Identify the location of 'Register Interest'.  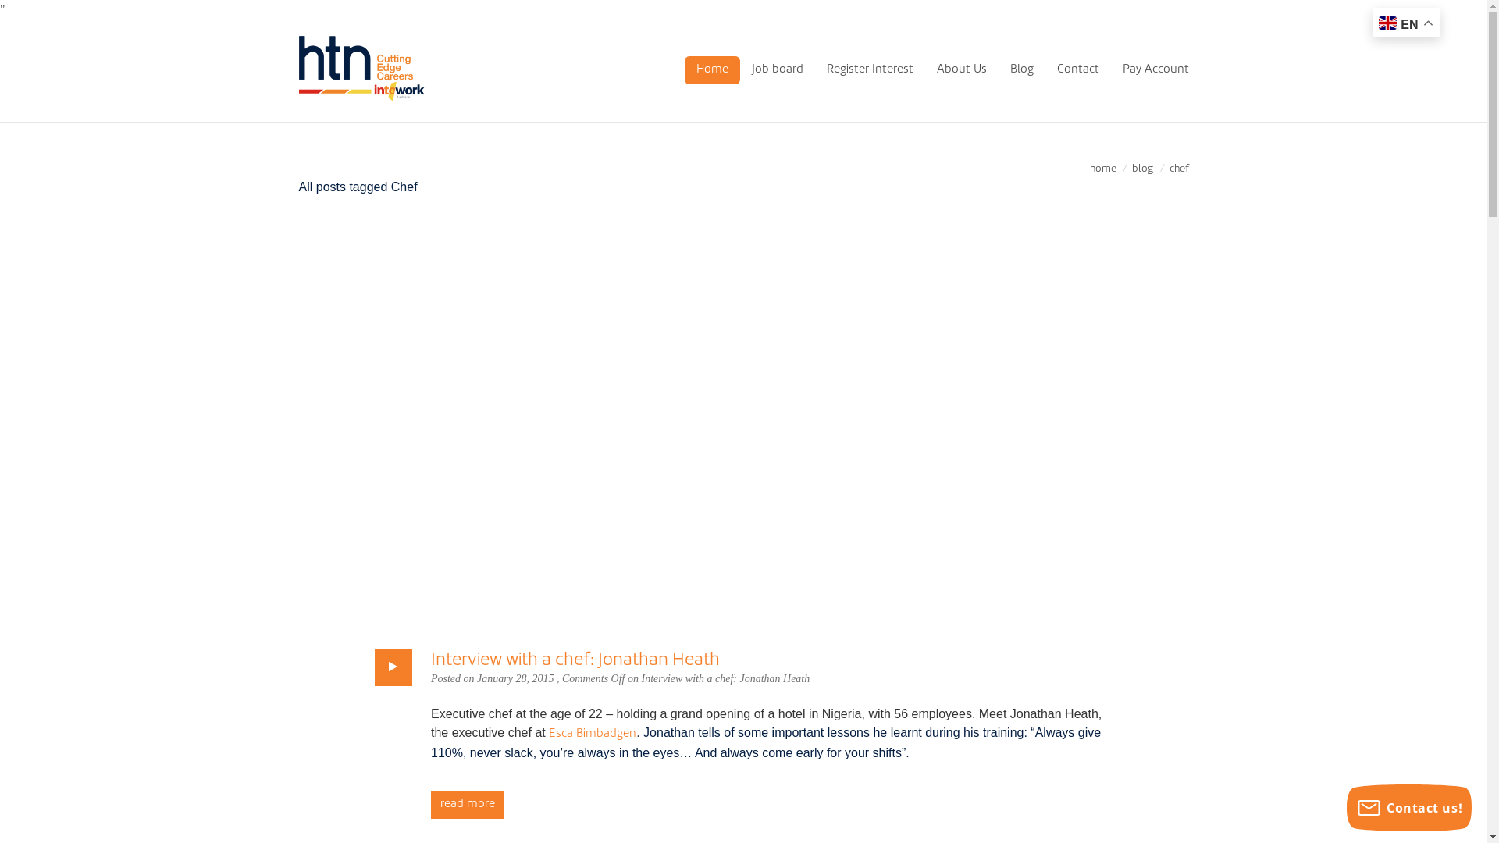
(869, 69).